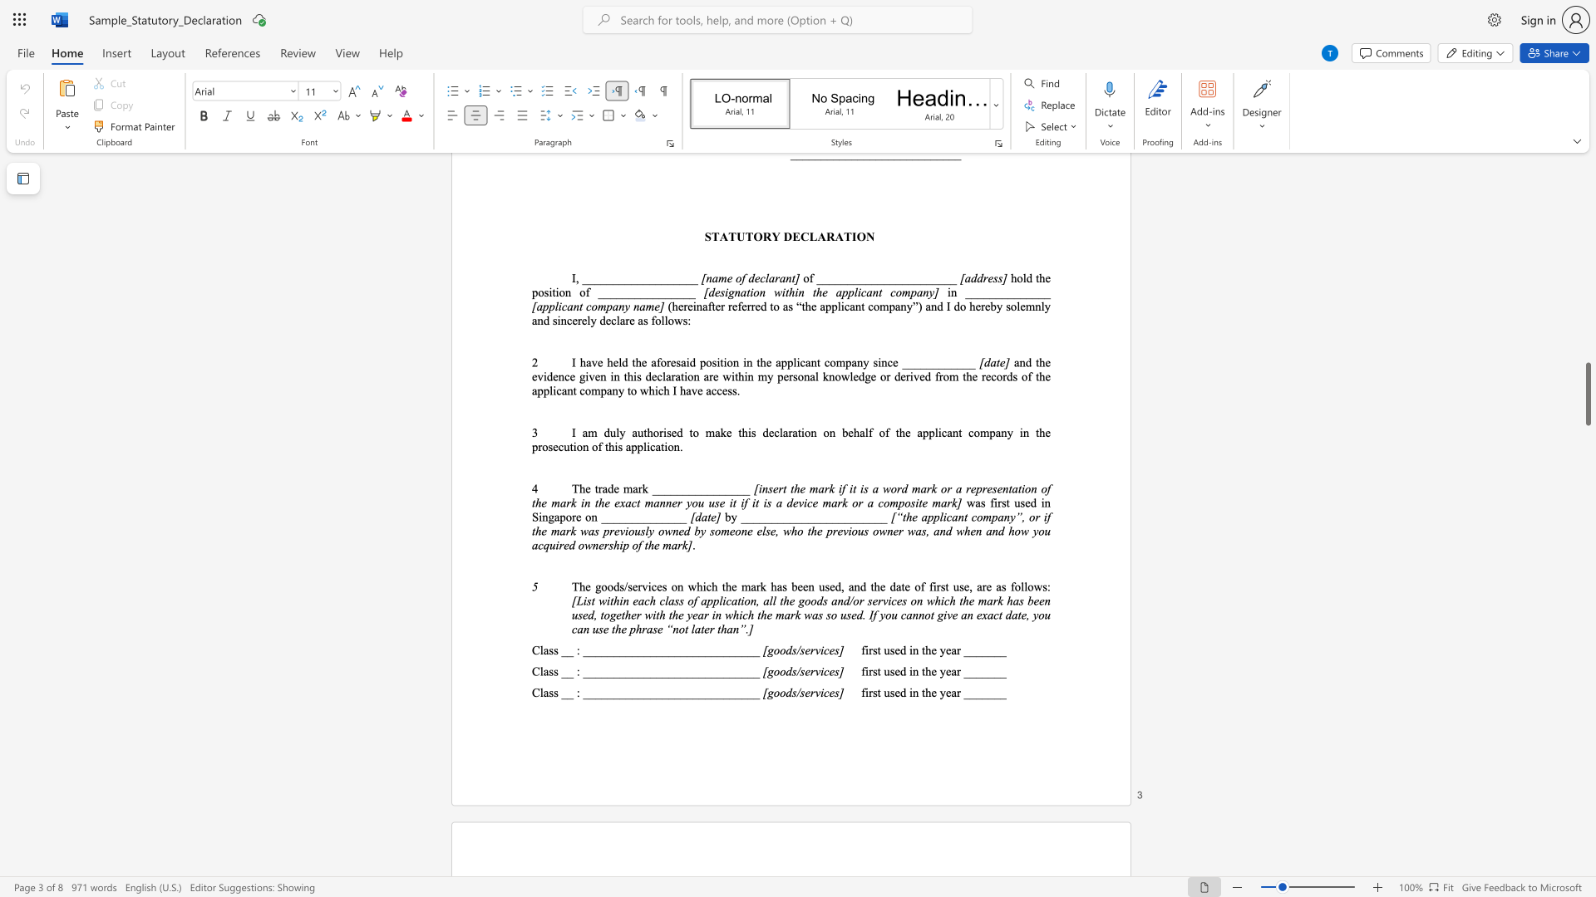  Describe the element at coordinates (1587, 448) in the screenshot. I see `the right-hand scrollbar to ascend the page` at that location.